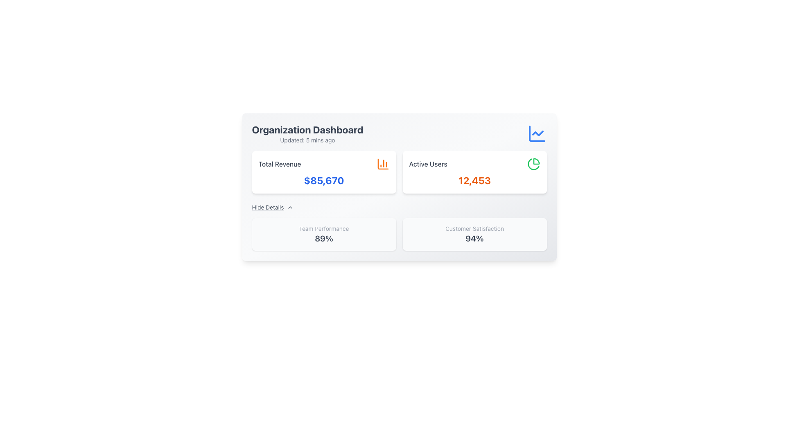 This screenshot has width=786, height=442. Describe the element at coordinates (474, 235) in the screenshot. I see `the Textual display card that shows 'Customer Satisfaction' with a bold '94%' in the lower-right section of the 'Organization Dashboard'` at that location.